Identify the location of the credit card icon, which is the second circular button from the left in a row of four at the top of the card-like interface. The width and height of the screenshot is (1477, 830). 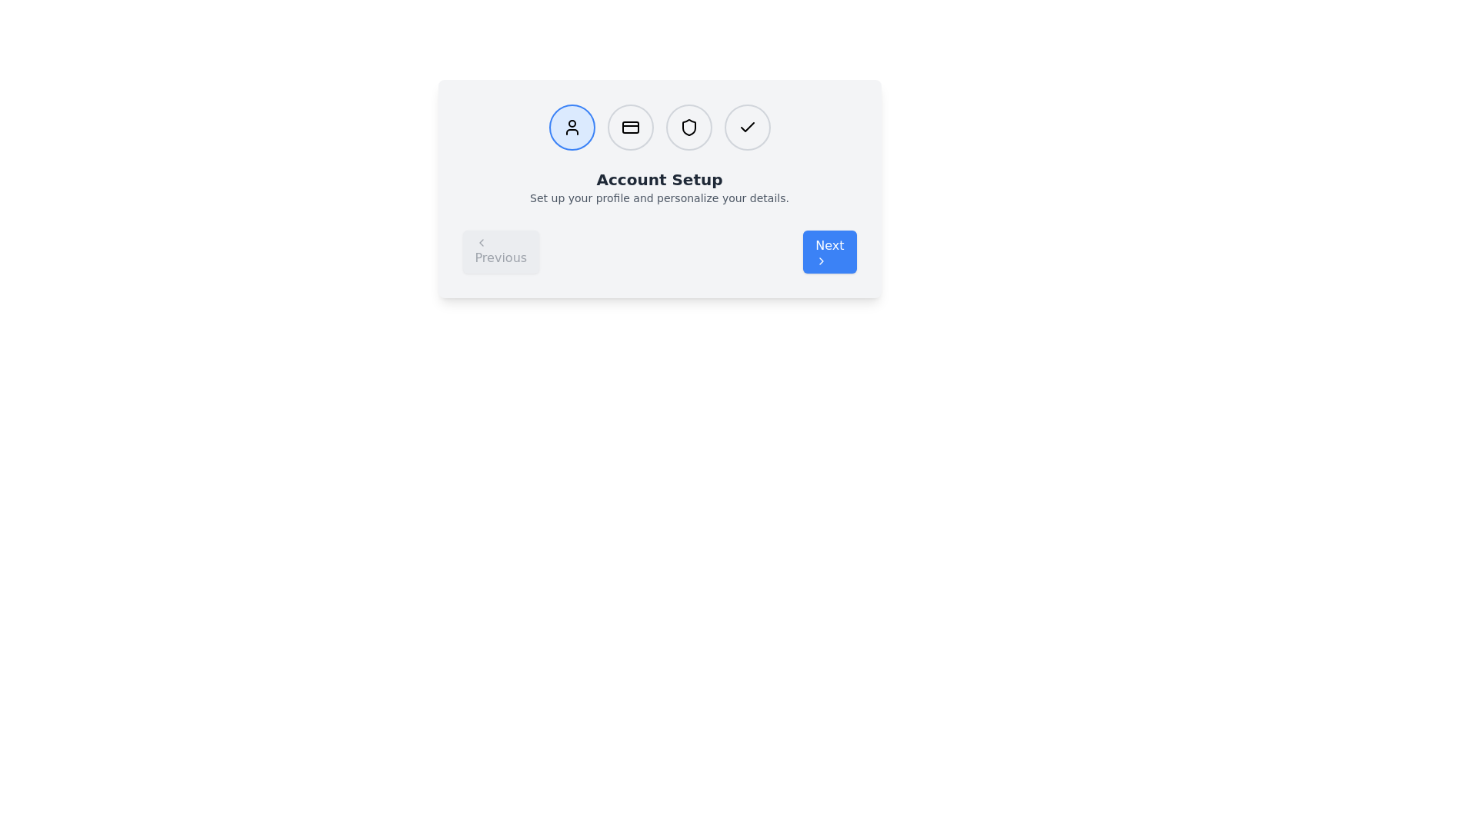
(630, 126).